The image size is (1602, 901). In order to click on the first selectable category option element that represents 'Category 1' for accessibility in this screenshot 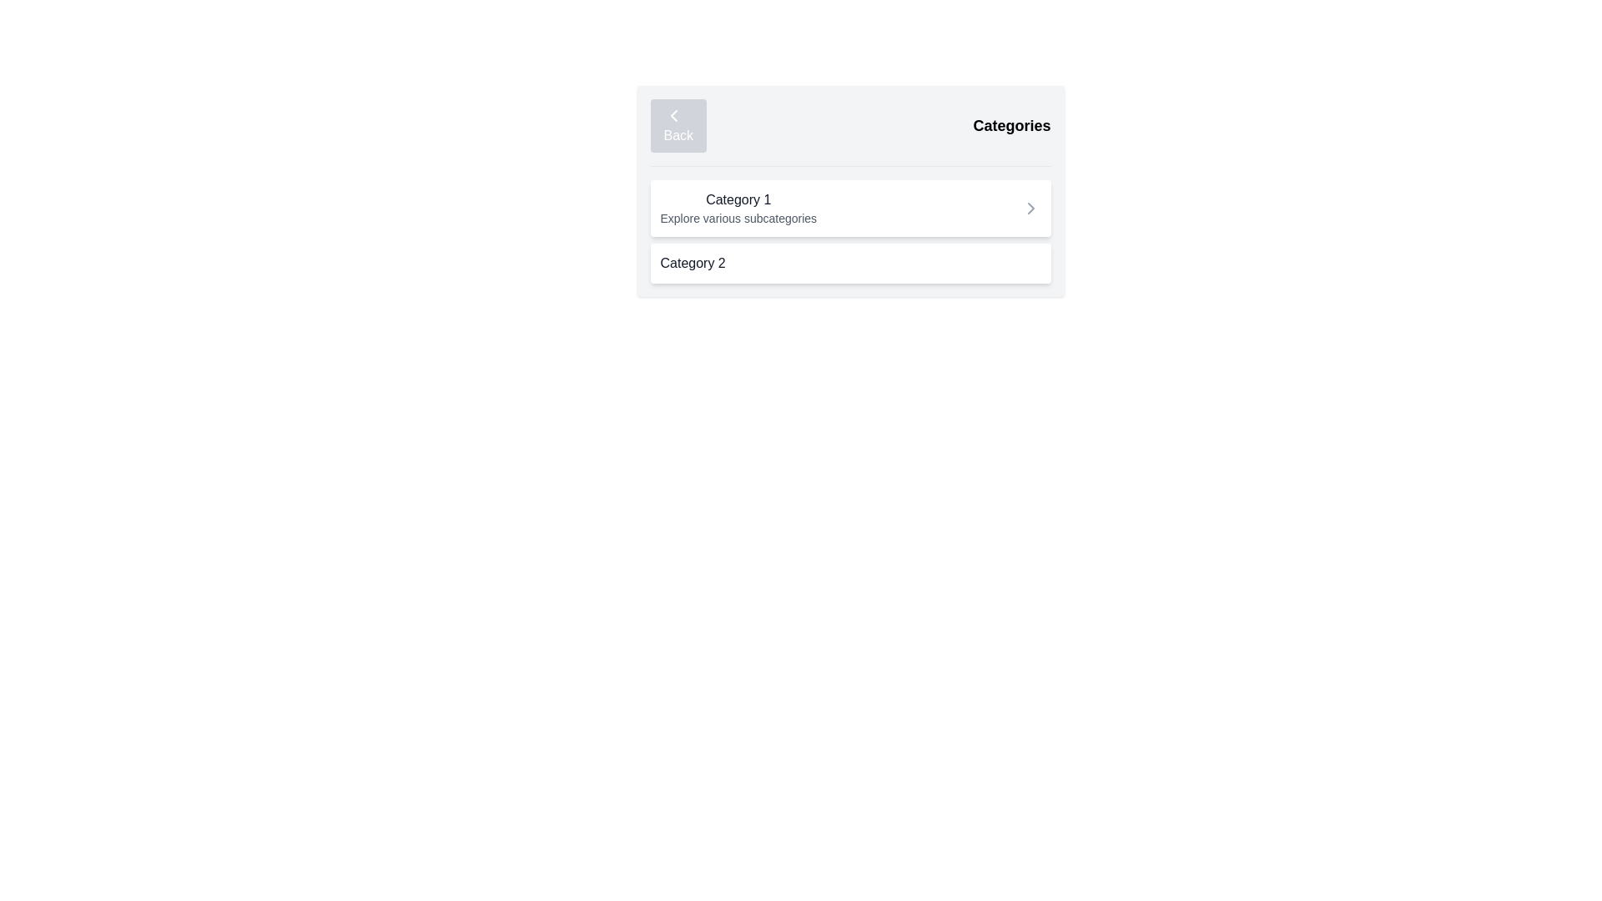, I will do `click(850, 208)`.